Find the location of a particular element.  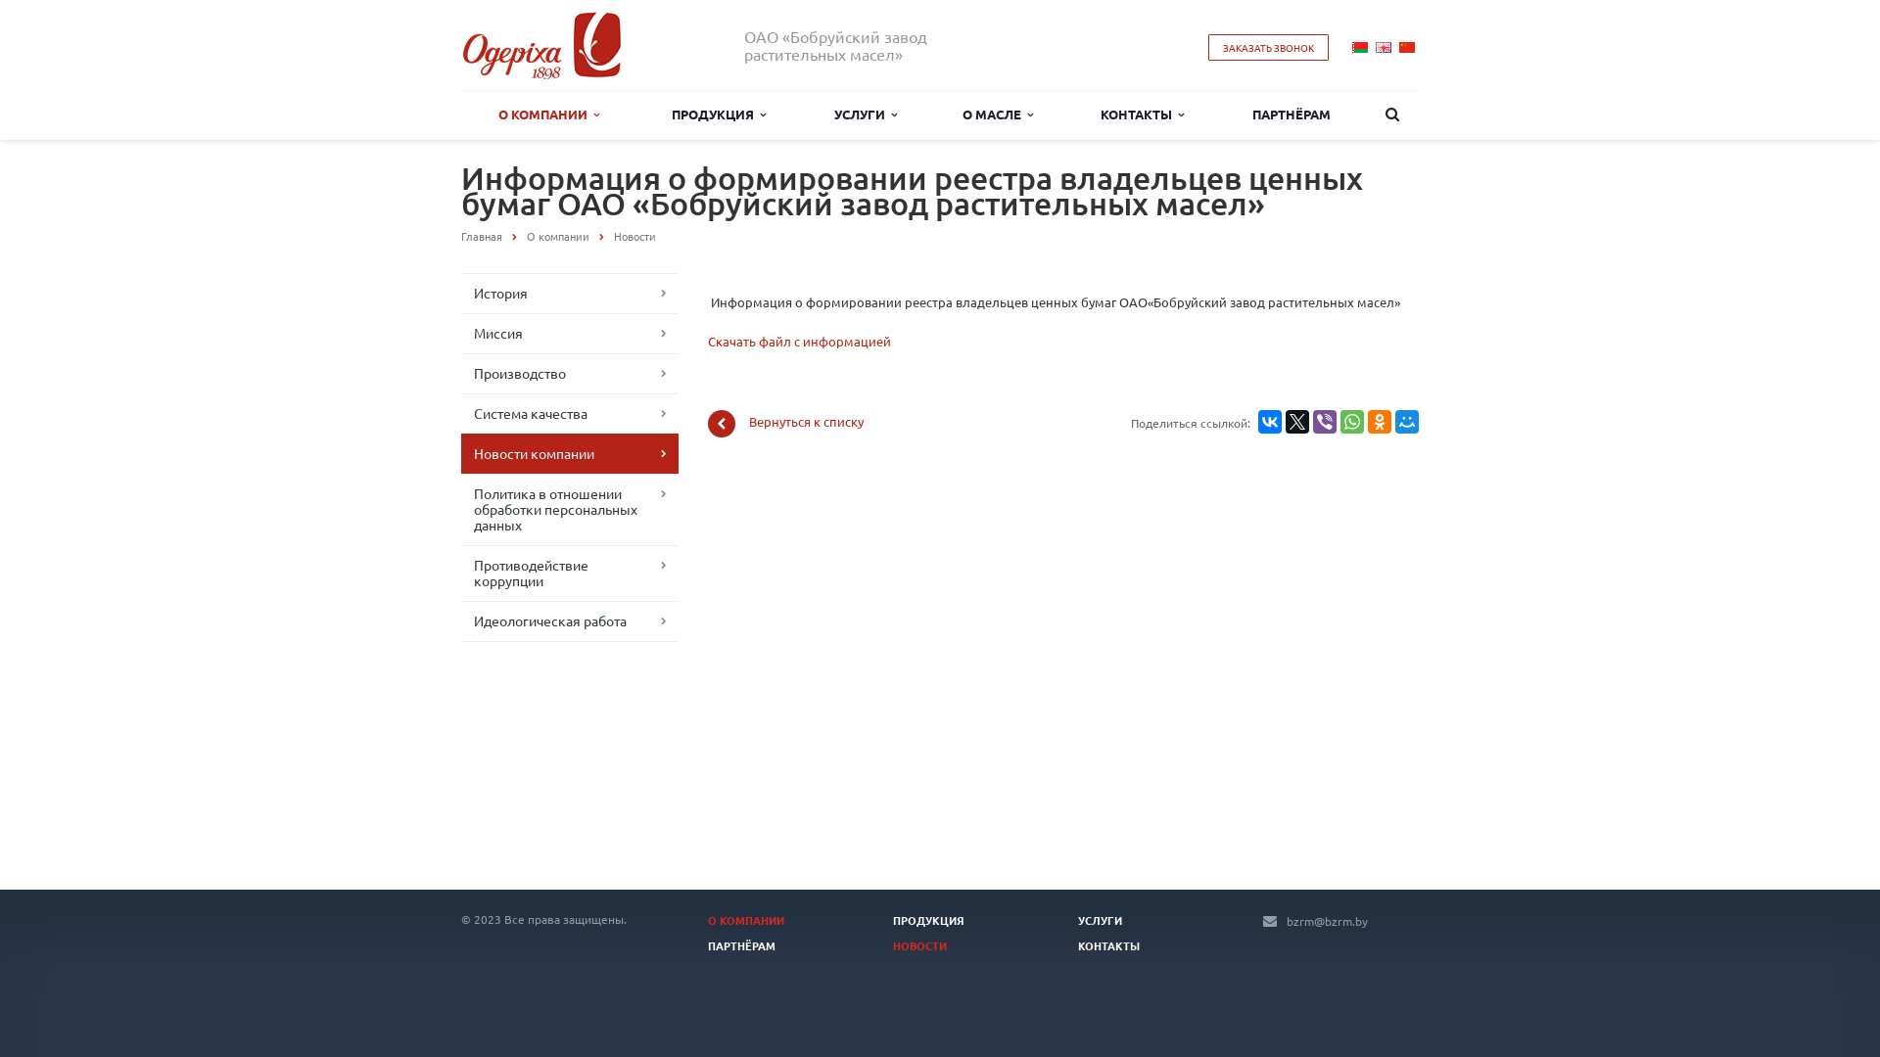

'WhatsApp' is located at coordinates (1351, 421).